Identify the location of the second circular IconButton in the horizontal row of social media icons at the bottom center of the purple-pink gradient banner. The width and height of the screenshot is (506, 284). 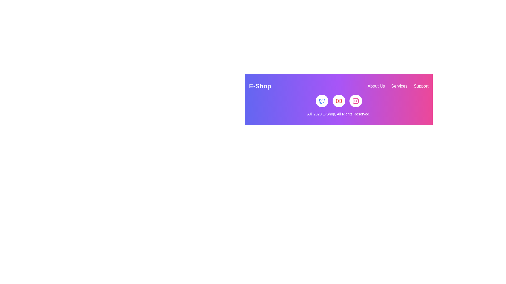
(322, 101).